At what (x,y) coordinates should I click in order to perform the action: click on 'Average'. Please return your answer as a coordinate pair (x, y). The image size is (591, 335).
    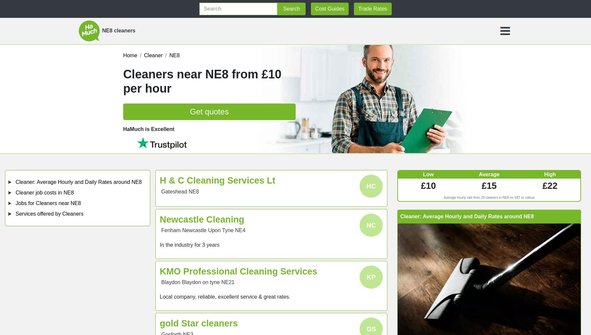
    Looking at the image, I should click on (478, 174).